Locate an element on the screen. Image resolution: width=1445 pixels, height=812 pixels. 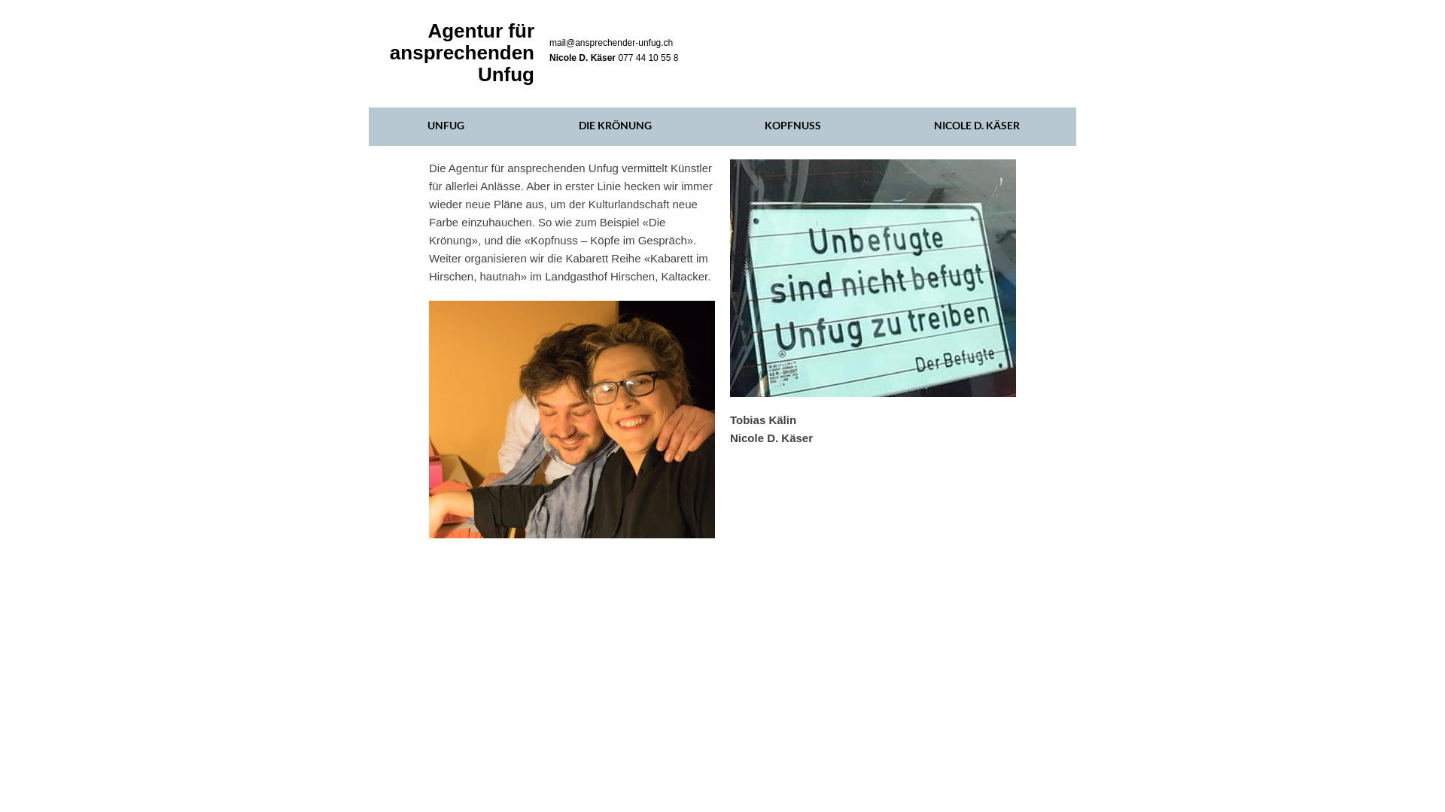
'mail@ansprechender-unfug.ch' is located at coordinates (610, 42).